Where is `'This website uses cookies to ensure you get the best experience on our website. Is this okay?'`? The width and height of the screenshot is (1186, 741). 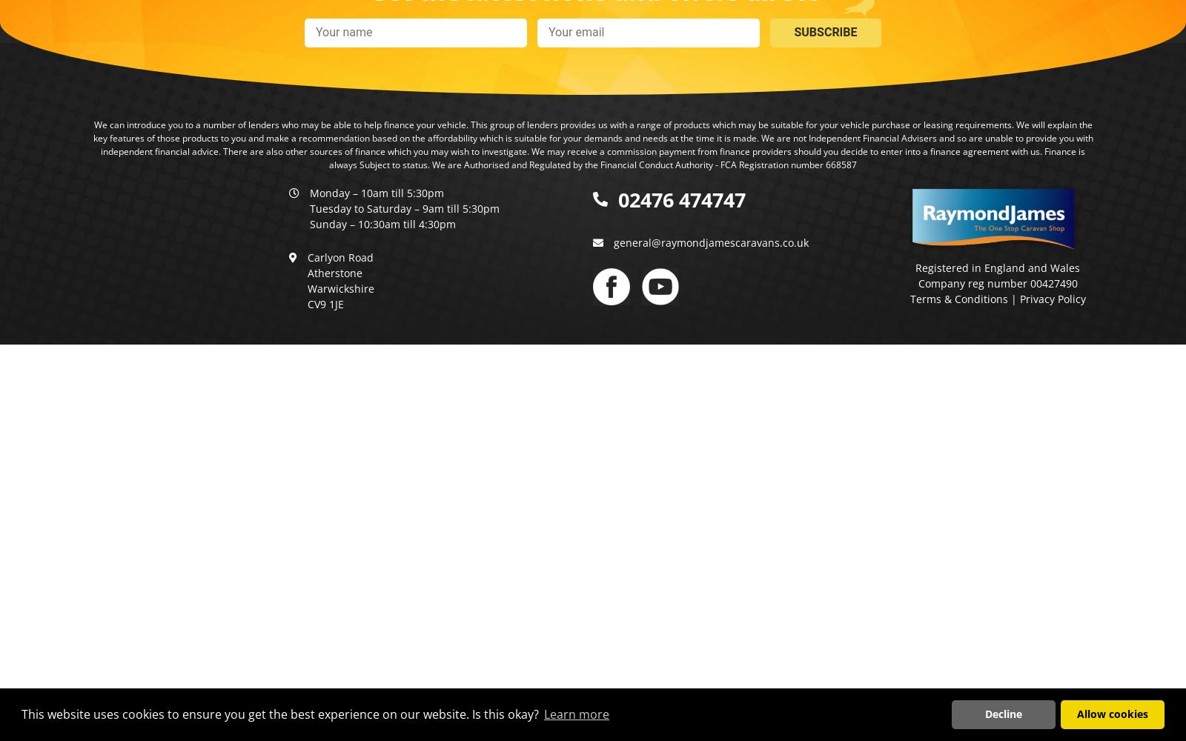
'This website uses cookies to ensure you get the best experience on our website. Is this okay?' is located at coordinates (281, 714).